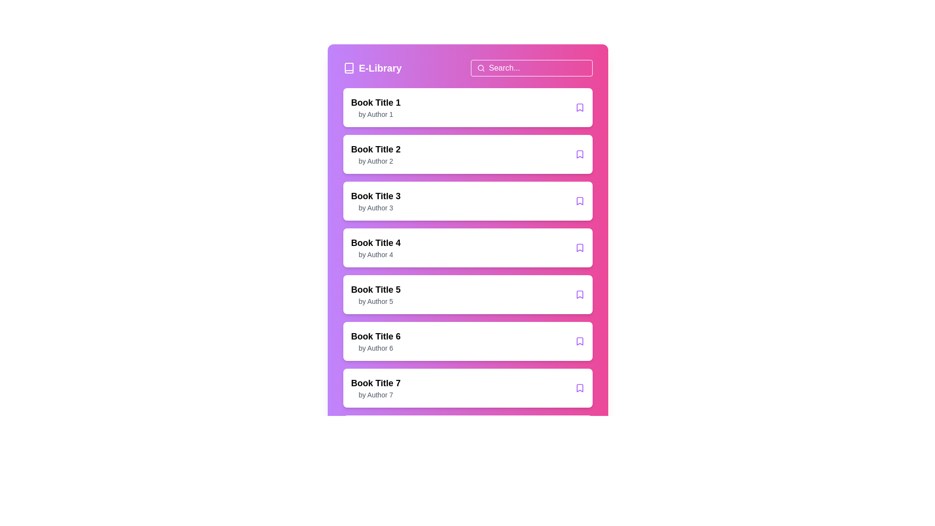 This screenshot has height=526, width=935. What do you see at coordinates (375, 247) in the screenshot?
I see `the text display element representing the title and author information of the book in the e-library application` at bounding box center [375, 247].